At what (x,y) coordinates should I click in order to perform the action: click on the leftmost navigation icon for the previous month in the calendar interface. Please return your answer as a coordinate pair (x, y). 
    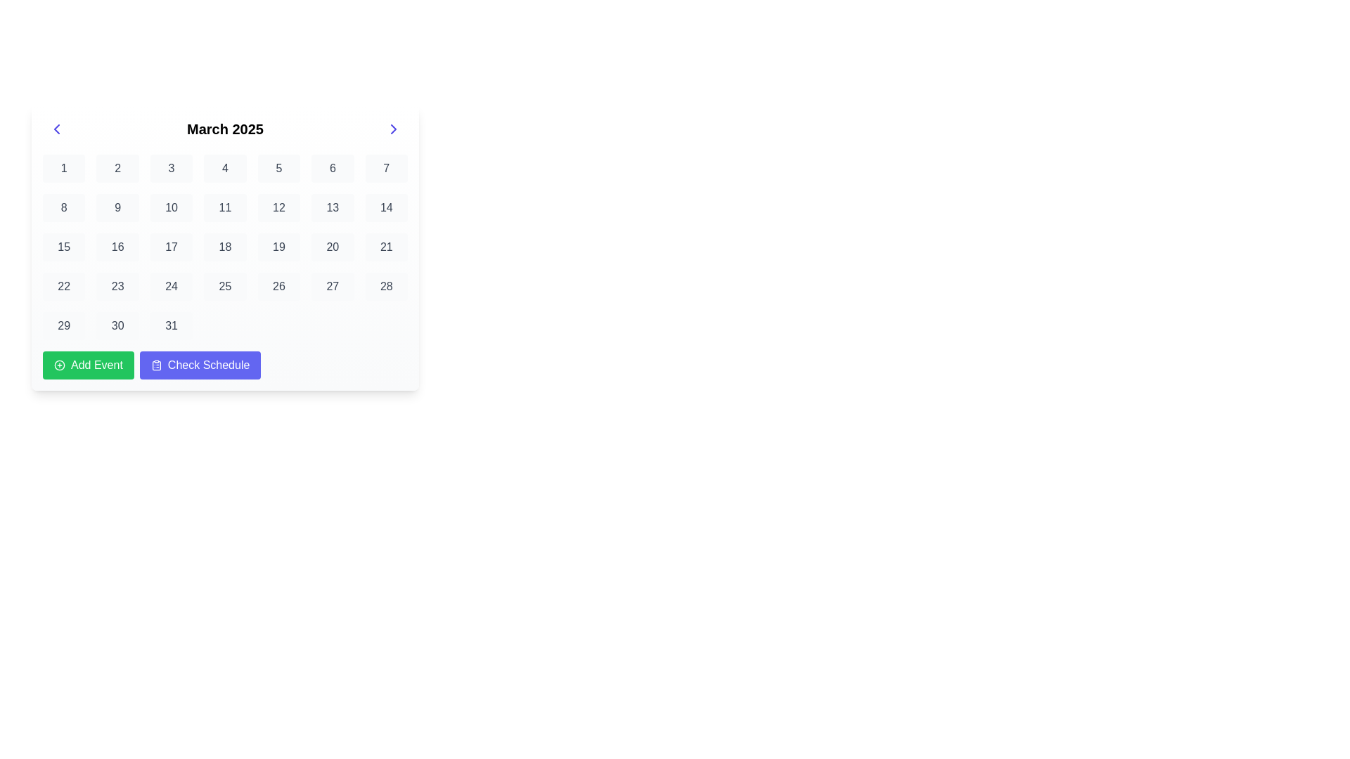
    Looking at the image, I should click on (56, 129).